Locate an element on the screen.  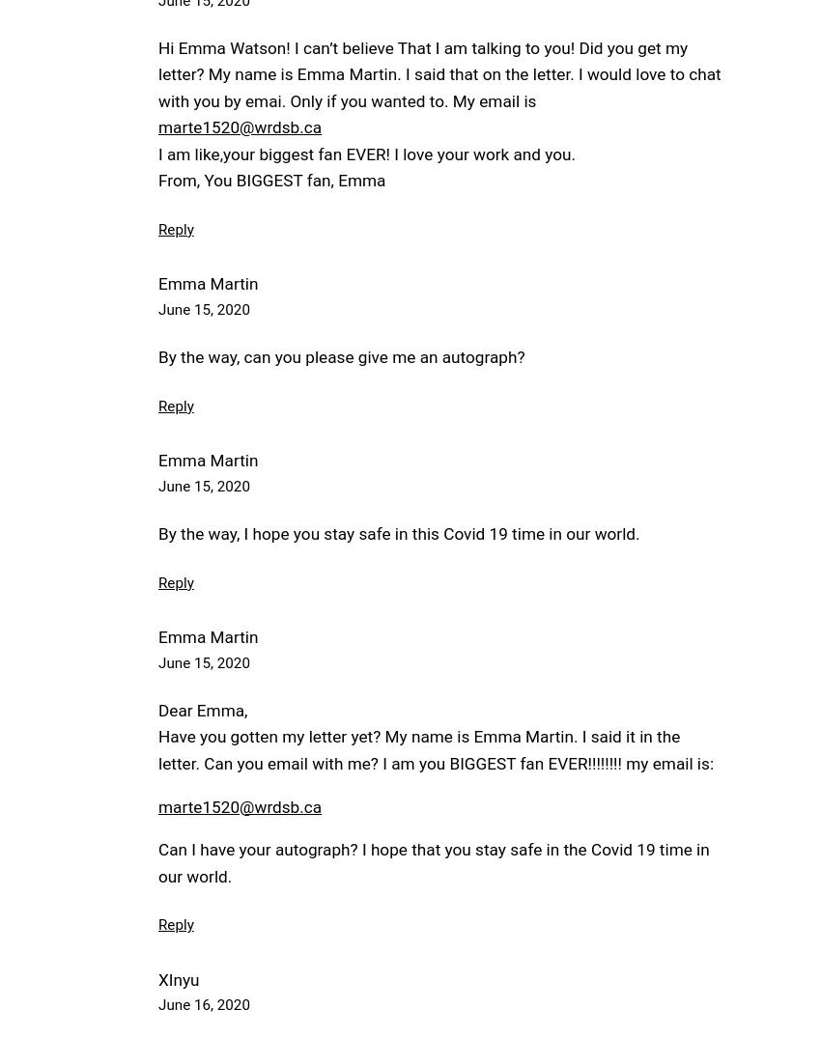
'I am like,your biggest fan EVER! I love your work and you.' is located at coordinates (157, 152).